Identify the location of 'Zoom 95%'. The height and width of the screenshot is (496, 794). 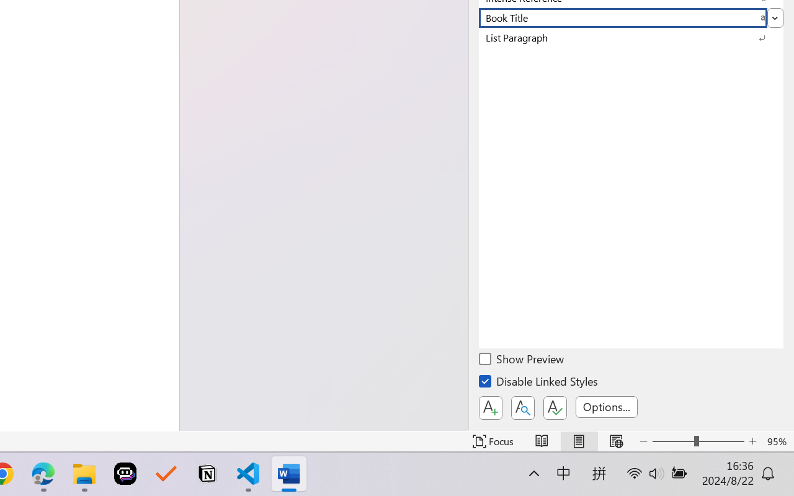
(777, 441).